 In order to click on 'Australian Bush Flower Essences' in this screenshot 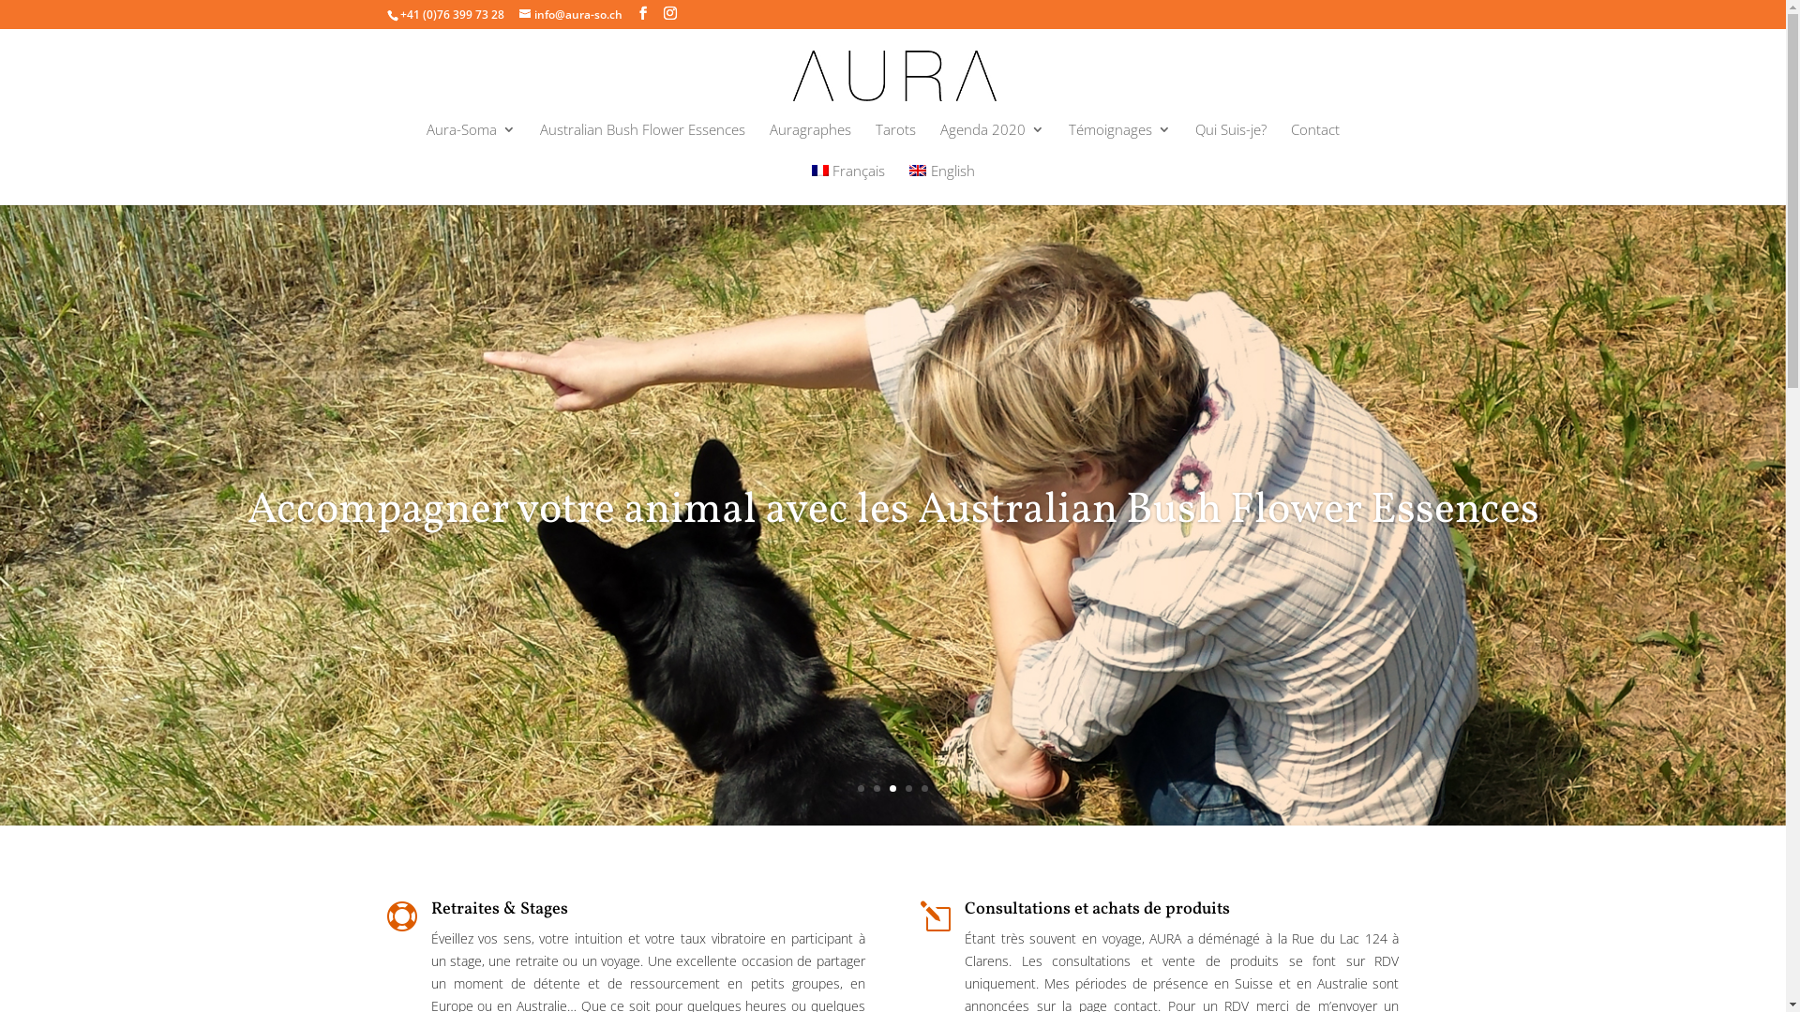, I will do `click(642, 142)`.